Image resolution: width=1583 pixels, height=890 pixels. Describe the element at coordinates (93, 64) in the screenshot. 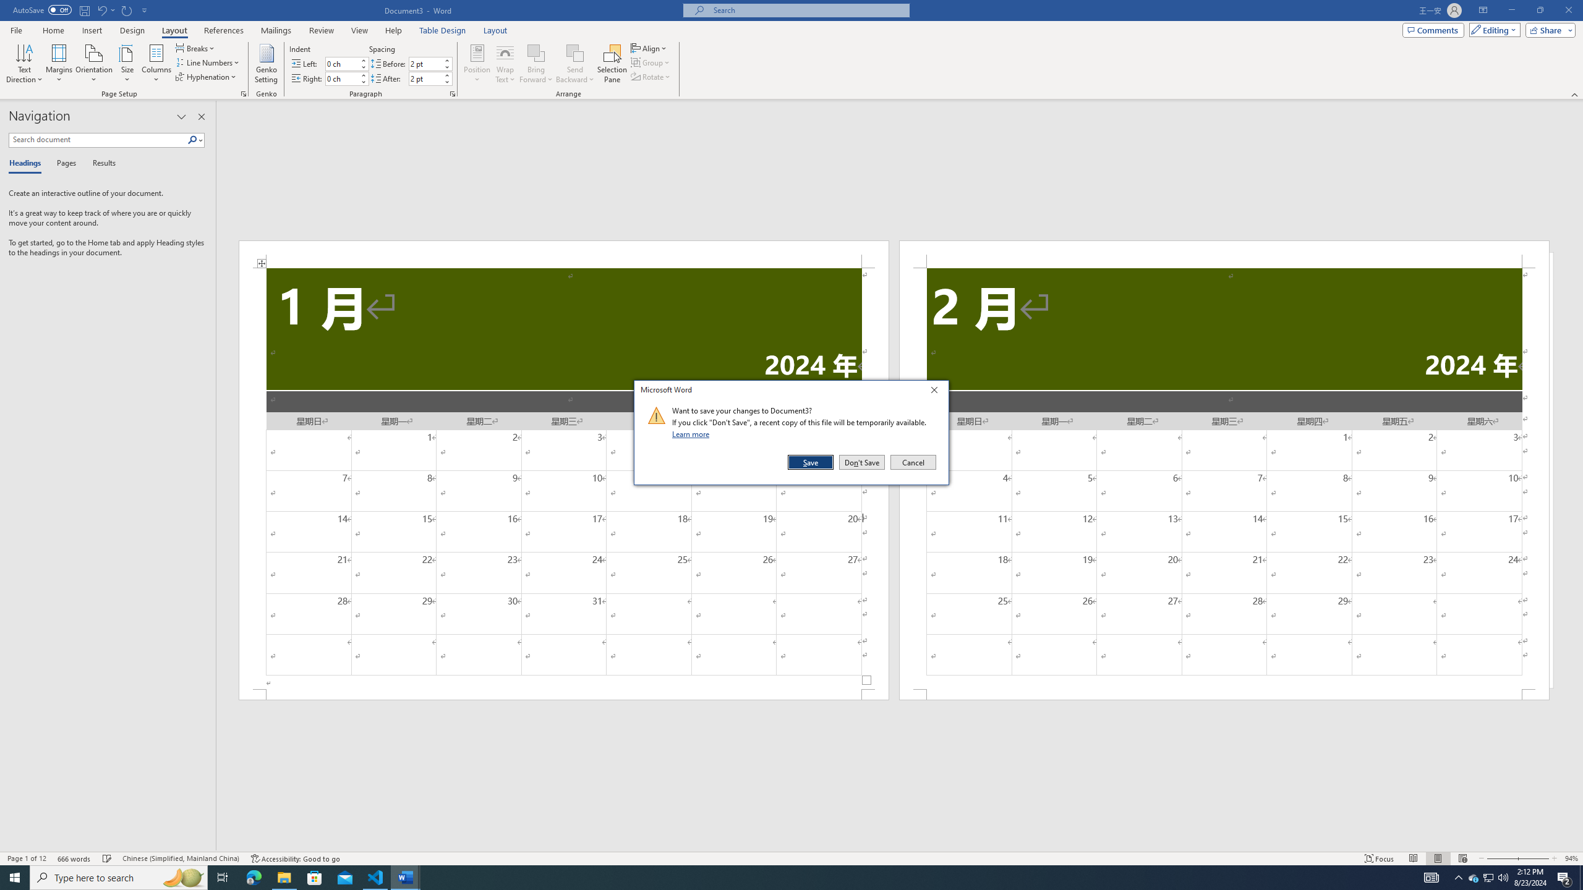

I see `'Orientation'` at that location.